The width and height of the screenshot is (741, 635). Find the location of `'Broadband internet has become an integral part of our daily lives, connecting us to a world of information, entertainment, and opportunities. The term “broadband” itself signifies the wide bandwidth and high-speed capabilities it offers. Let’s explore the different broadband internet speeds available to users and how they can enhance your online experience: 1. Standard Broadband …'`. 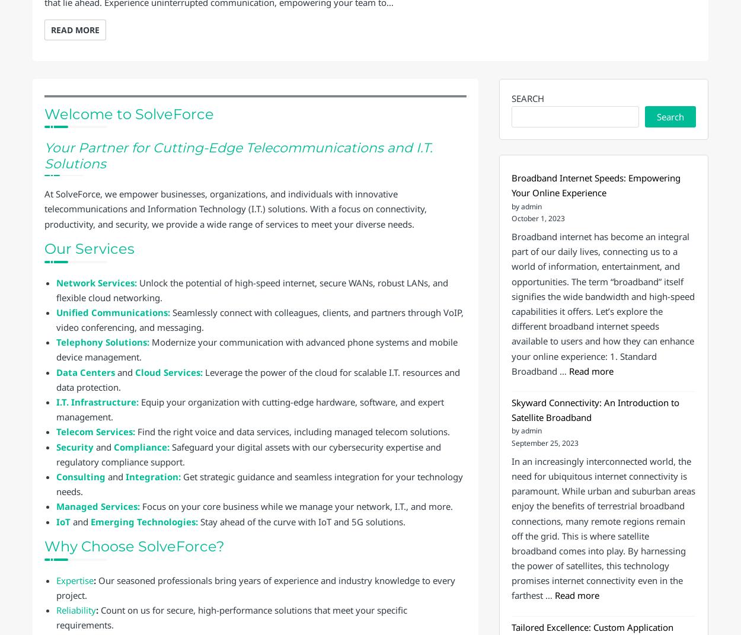

'Broadband internet has become an integral part of our daily lives, connecting us to a world of information, entertainment, and opportunities. The term “broadband” itself signifies the wide bandwidth and high-speed capabilities it offers. Let’s explore the different broadband internet speeds available to users and how they can enhance your online experience: 1. Standard Broadband …' is located at coordinates (510, 303).